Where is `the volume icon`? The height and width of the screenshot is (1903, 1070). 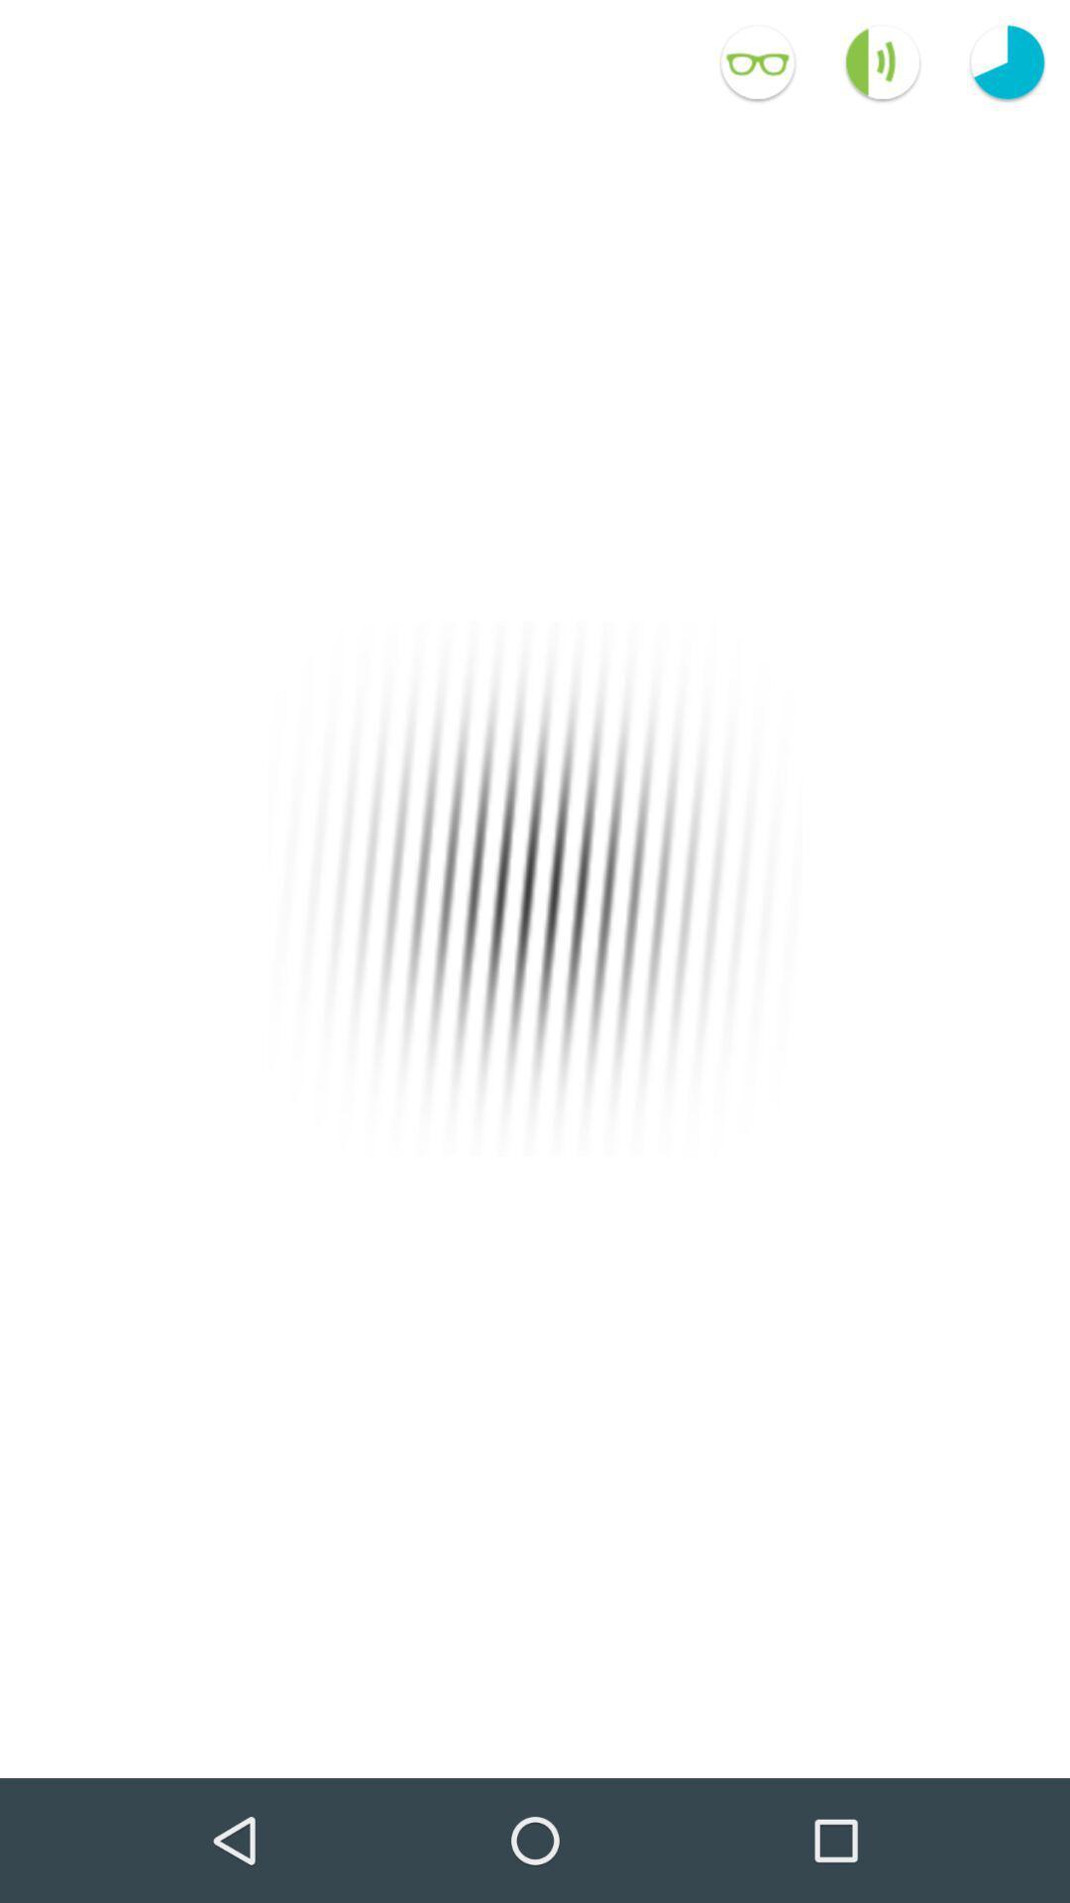 the volume icon is located at coordinates (882, 61).